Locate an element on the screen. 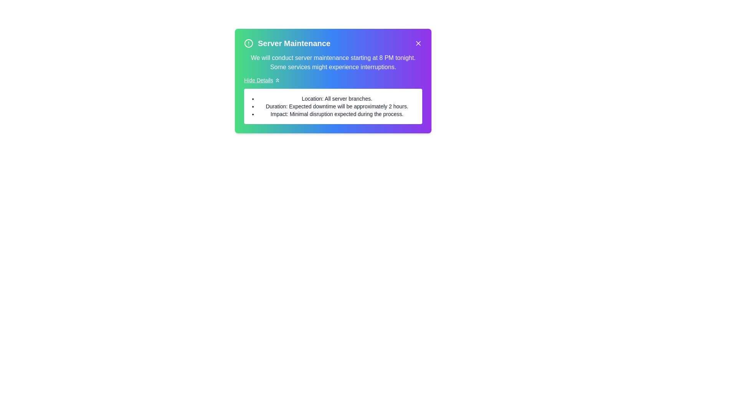 The width and height of the screenshot is (737, 415). the close button (X) to dismiss the notification card is located at coordinates (418, 43).